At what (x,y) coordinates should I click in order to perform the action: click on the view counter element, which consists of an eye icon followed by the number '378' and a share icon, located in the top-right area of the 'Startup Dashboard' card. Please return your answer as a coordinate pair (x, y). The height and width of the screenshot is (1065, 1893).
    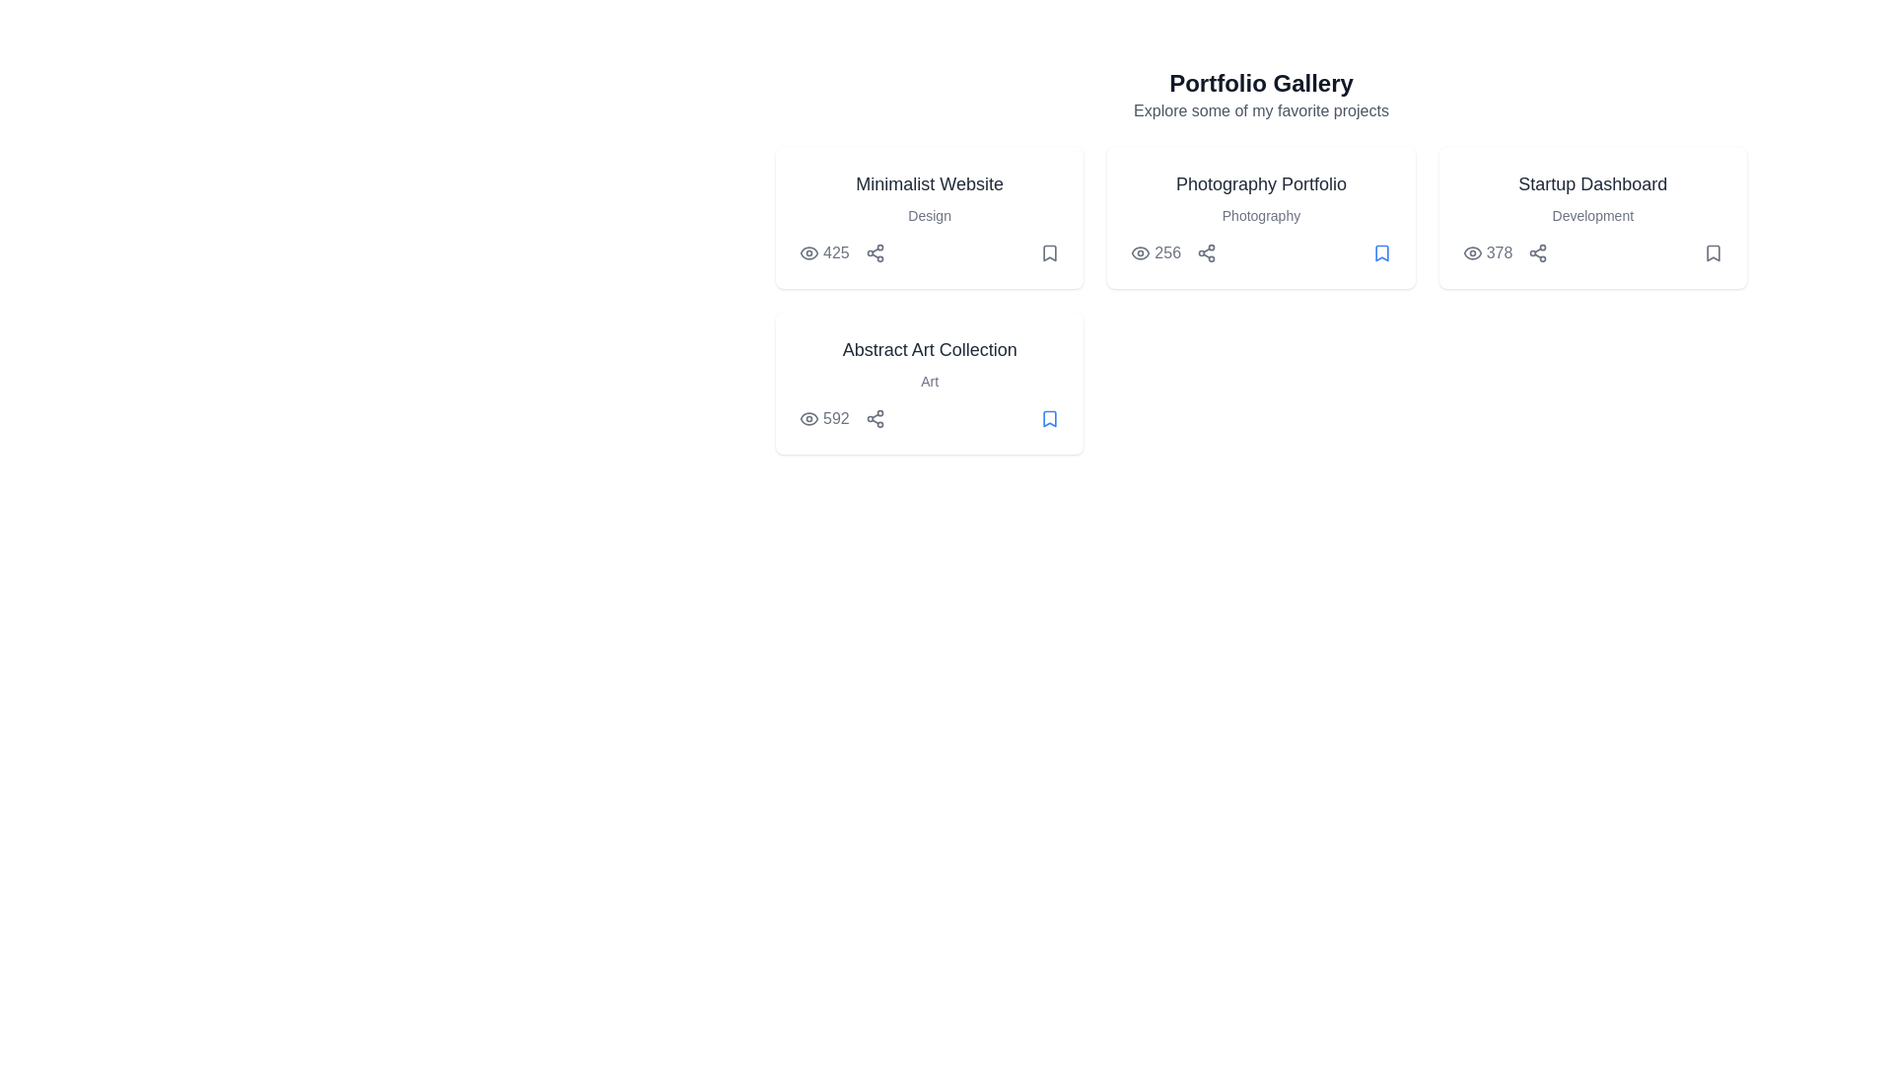
    Looking at the image, I should click on (1504, 252).